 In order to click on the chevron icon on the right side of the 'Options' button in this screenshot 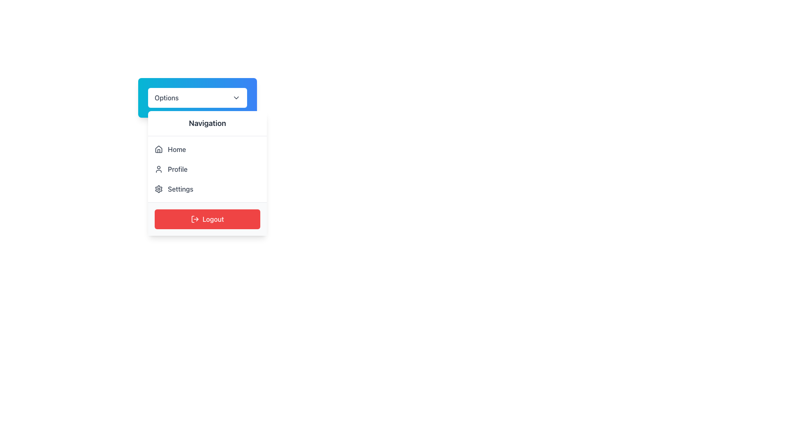, I will do `click(236, 97)`.